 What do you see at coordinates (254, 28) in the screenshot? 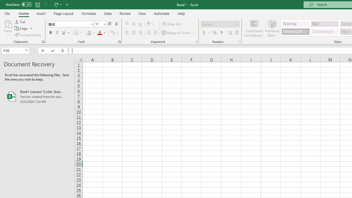
I see `'Conditional Formatting'` at bounding box center [254, 28].